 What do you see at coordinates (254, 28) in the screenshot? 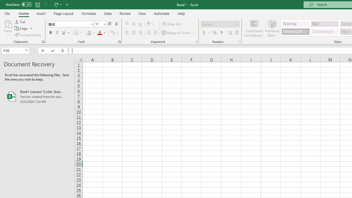
I see `'Conditional Formatting'` at bounding box center [254, 28].